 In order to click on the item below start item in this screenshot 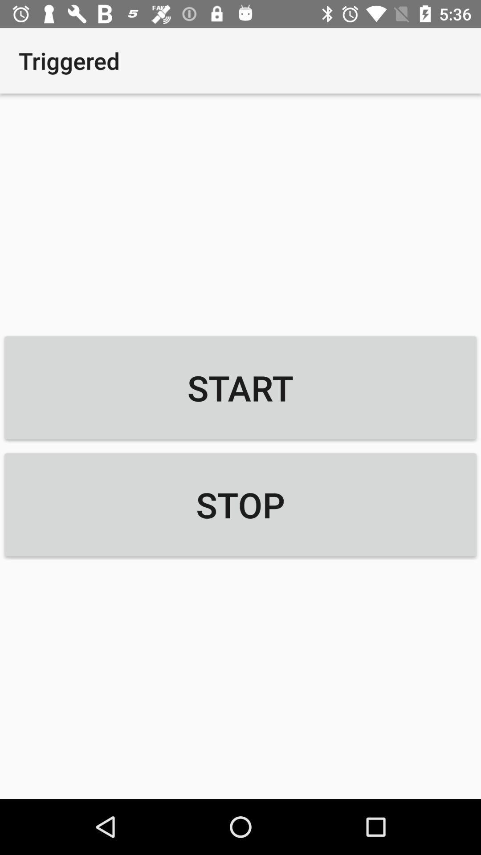, I will do `click(240, 505)`.